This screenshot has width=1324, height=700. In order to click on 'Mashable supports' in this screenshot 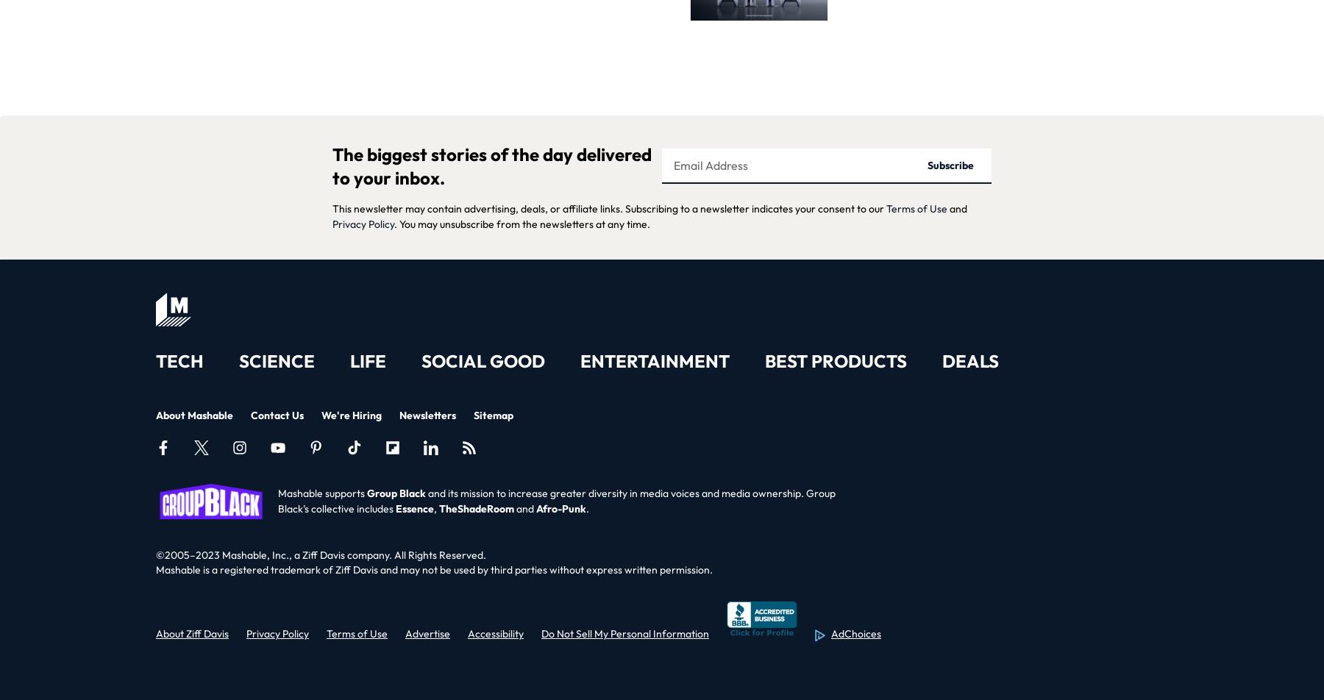, I will do `click(322, 493)`.